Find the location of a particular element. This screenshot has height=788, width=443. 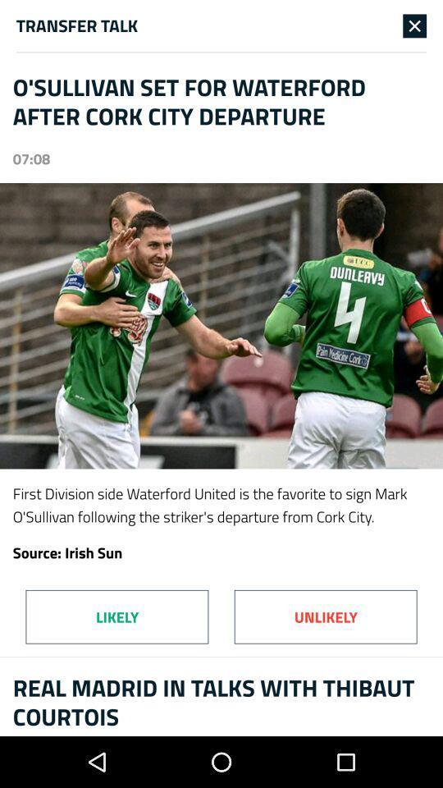

the likely item is located at coordinates (116, 616).